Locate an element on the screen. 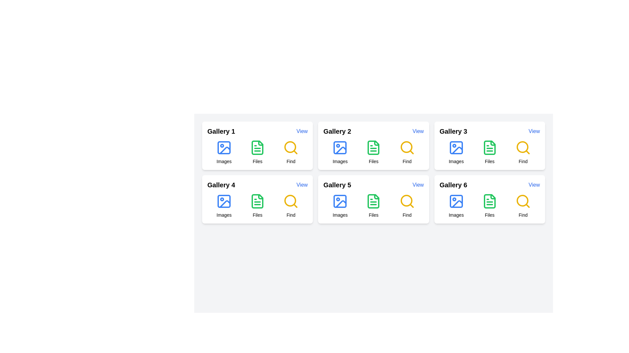 Image resolution: width=629 pixels, height=353 pixels. the 'Search' icon is located at coordinates (291, 201).